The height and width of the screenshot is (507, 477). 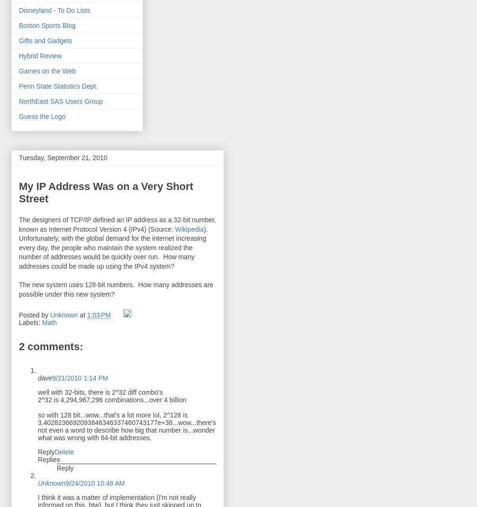 What do you see at coordinates (38, 415) in the screenshot?
I see `'so with 128 bit...wow...that's a lot more lol, 2^128 is'` at bounding box center [38, 415].